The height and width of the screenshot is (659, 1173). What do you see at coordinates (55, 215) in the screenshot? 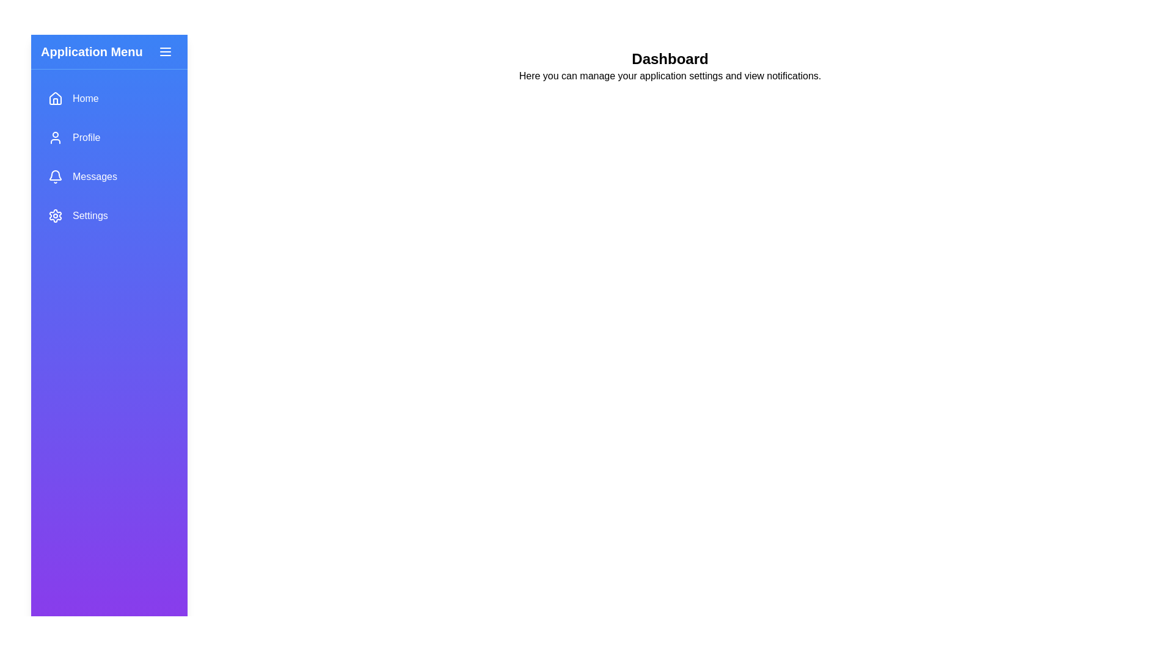
I see `the gear icon located in the settings menu of the application interface` at bounding box center [55, 215].